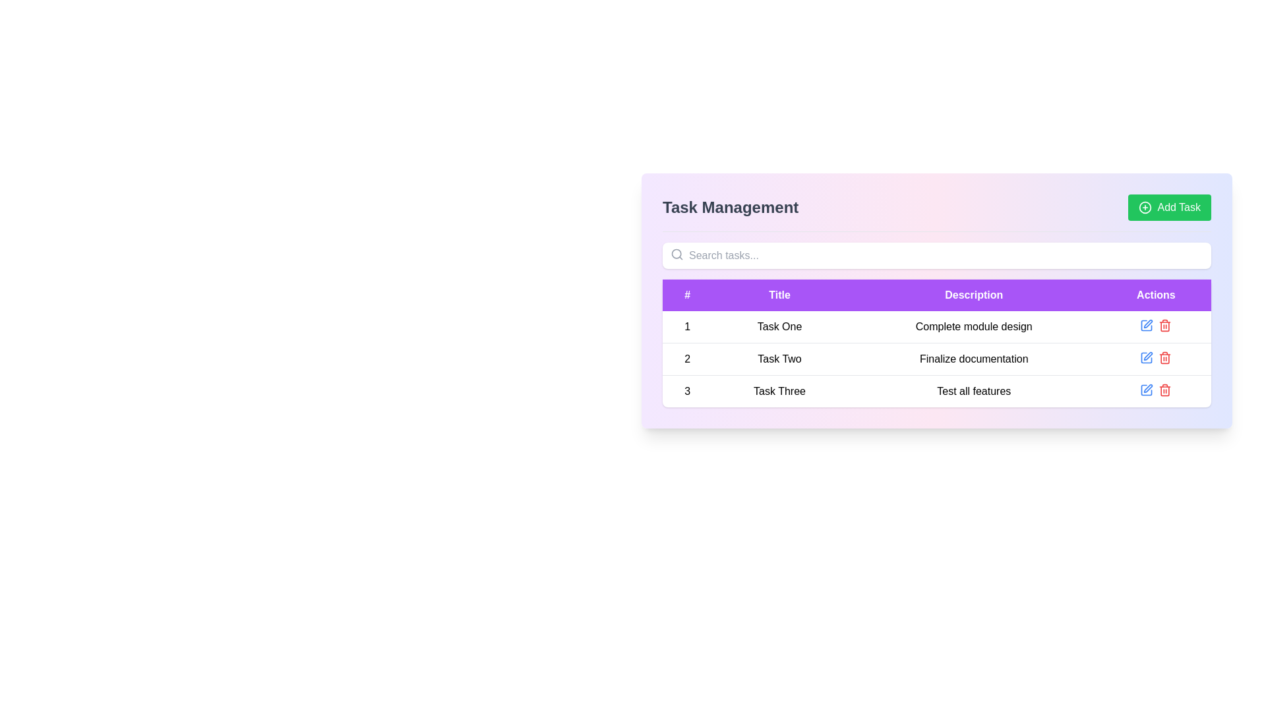 The image size is (1266, 712). Describe the element at coordinates (974, 390) in the screenshot. I see `the static text display that provides the description for the task labeled 'Task Three', located in the 'Description' column of the table` at that location.